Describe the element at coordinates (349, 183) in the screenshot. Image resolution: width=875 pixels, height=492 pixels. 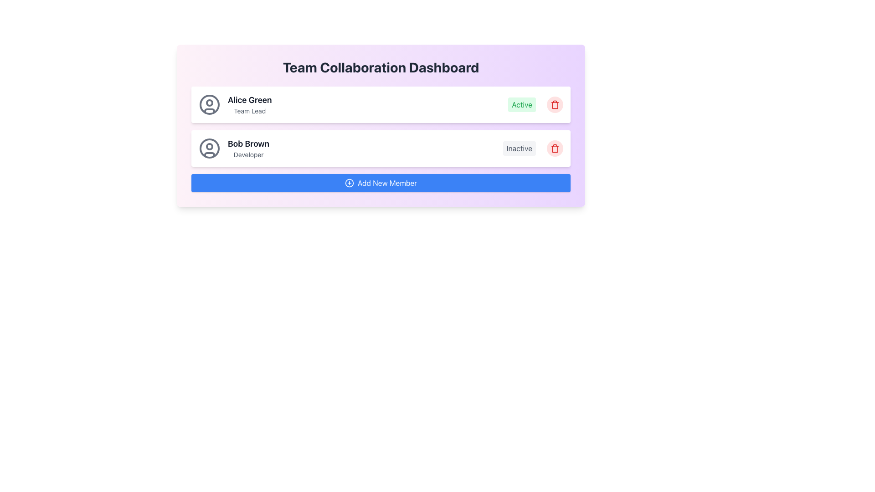
I see `the icon to the left of the 'Add New Member' button` at that location.